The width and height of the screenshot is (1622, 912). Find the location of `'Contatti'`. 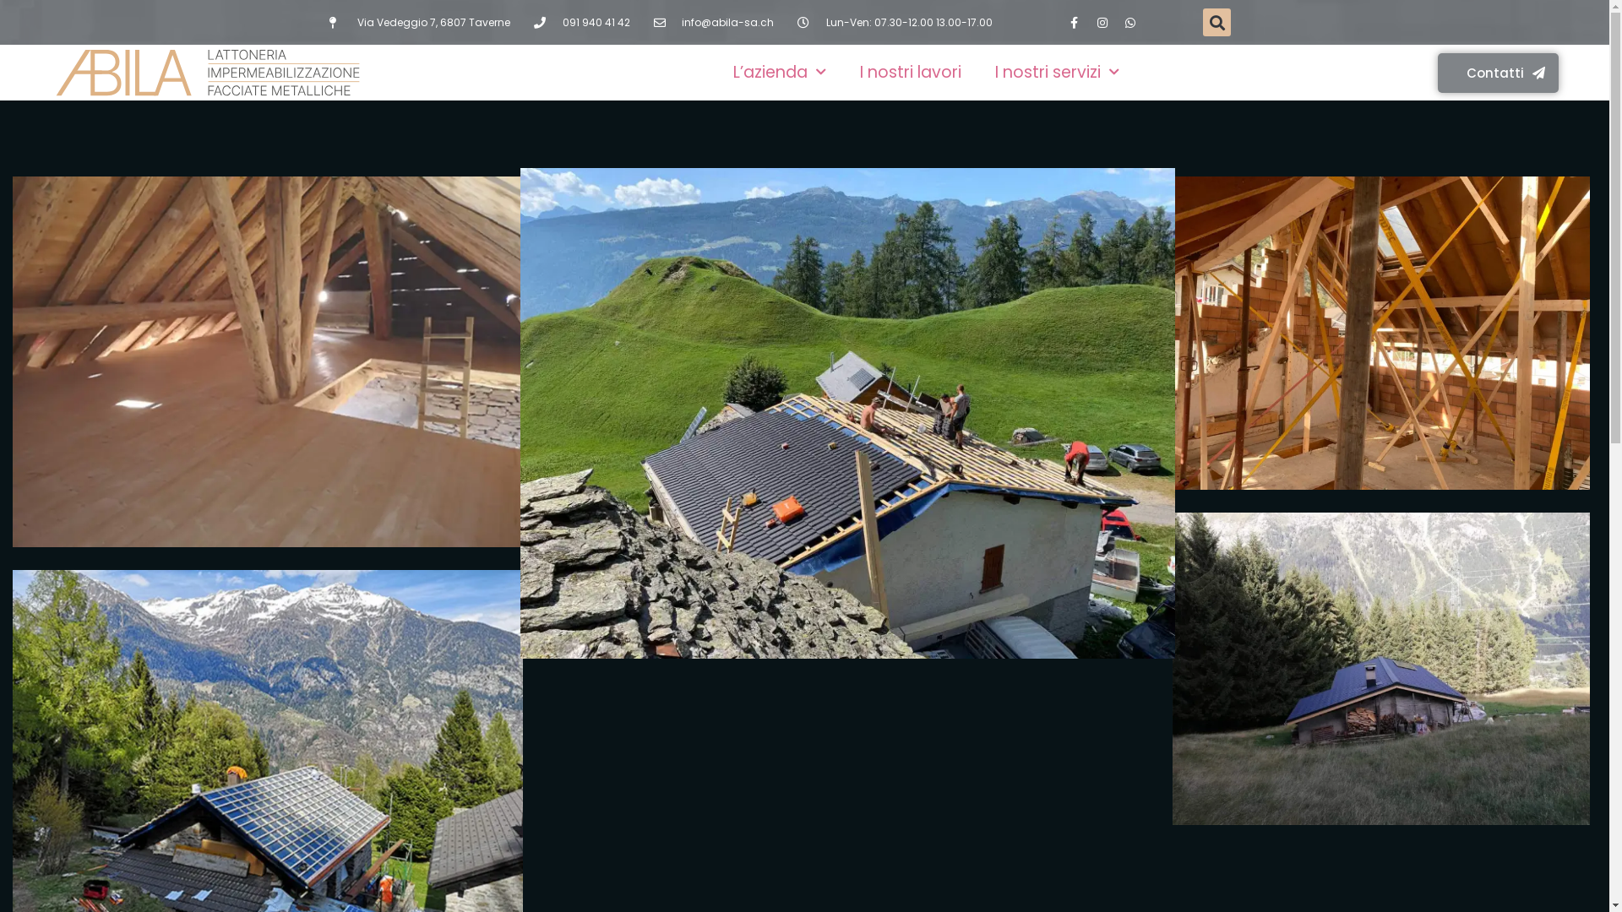

'Contatti' is located at coordinates (1437, 71).